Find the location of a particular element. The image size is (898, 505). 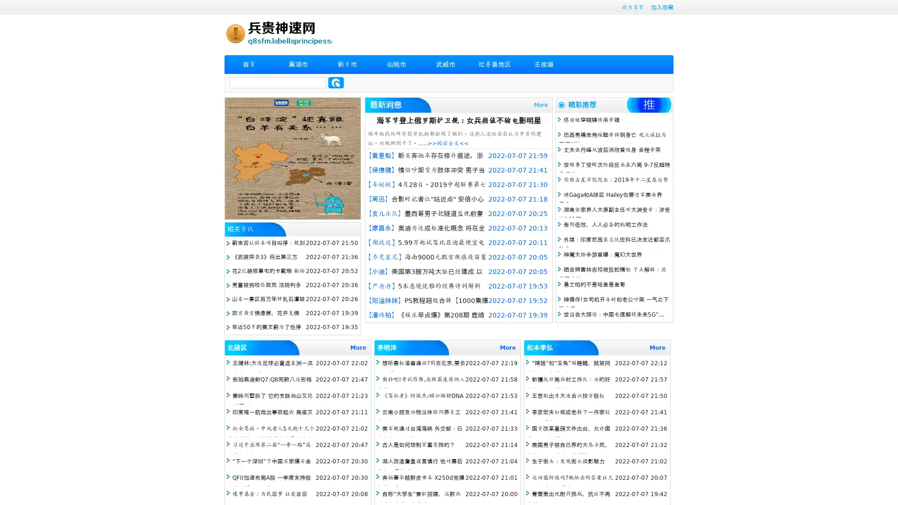

Search is located at coordinates (336, 82).